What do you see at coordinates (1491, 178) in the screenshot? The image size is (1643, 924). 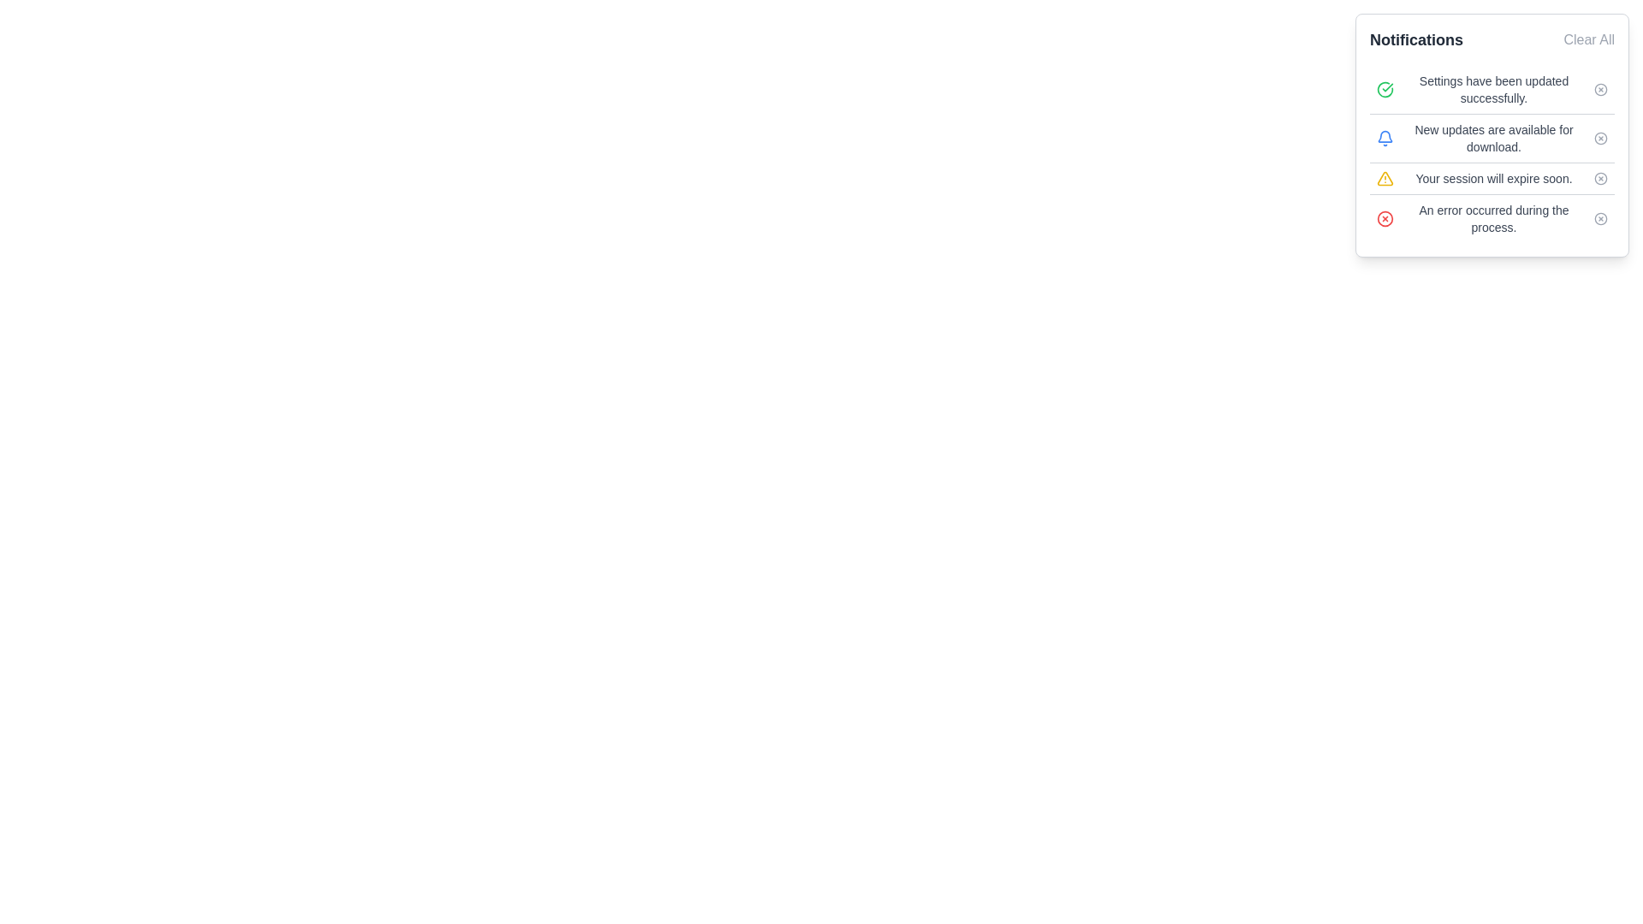 I see `the third notification entry that displays a warning icon and the message 'Your session will expire soon.'` at bounding box center [1491, 178].